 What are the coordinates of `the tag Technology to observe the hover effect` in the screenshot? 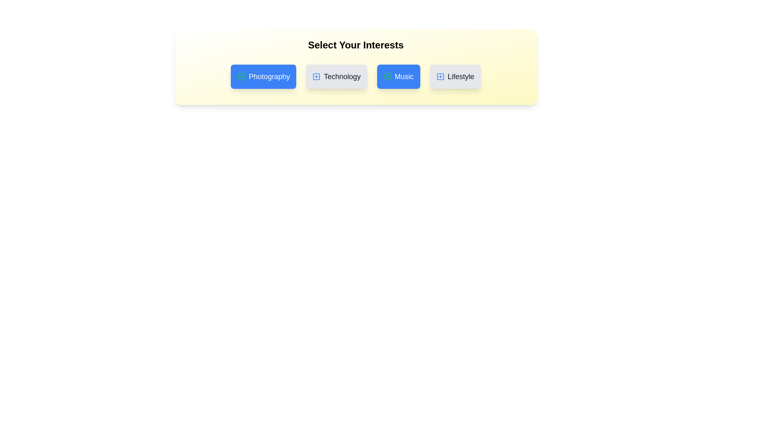 It's located at (337, 76).